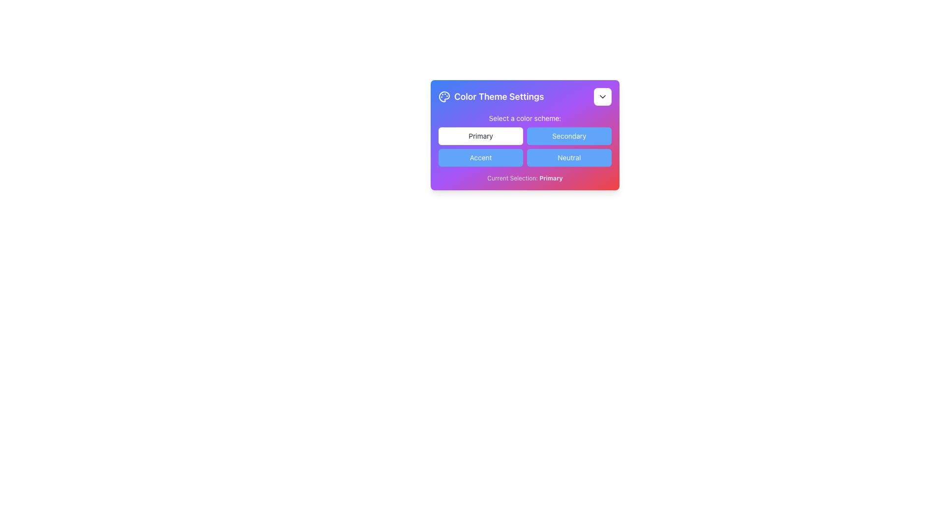 This screenshot has height=531, width=944. I want to click on the 'Color Theme Settings' static text with icon, which is prominently displayed in bold, large font alongside a palette icon against a gradient blue-to-purple background in the header of the color theme configuration dialog, so click(491, 96).